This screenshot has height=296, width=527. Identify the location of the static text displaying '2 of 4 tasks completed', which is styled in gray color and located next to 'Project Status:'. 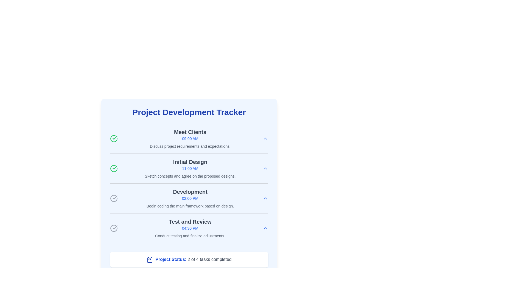
(209, 259).